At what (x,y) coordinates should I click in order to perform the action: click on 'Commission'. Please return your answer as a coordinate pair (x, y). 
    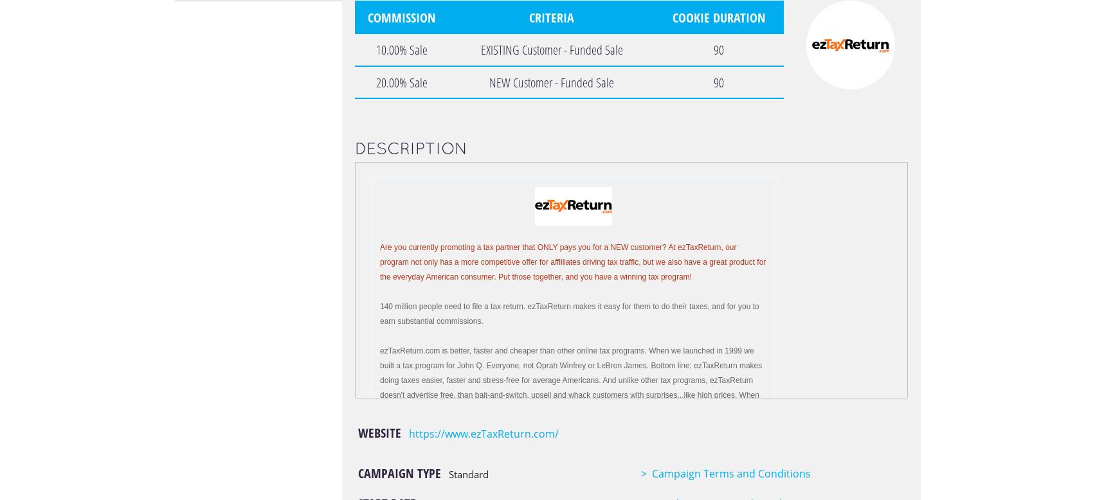
    Looking at the image, I should click on (400, 17).